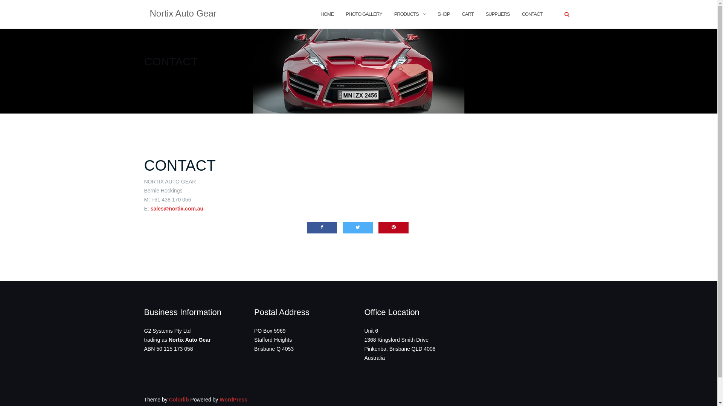 This screenshot has height=406, width=723. I want to click on 'WordPress', so click(233, 399).